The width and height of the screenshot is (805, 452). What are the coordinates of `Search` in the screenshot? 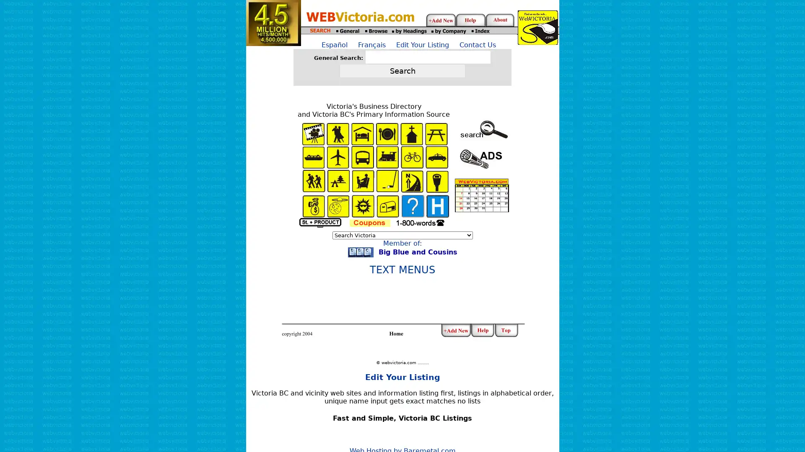 It's located at (402, 70).